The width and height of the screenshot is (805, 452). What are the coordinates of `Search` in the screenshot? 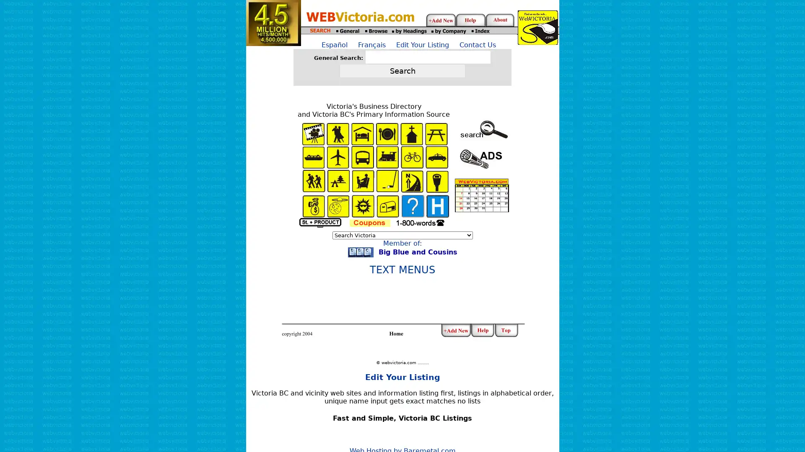 It's located at (402, 70).